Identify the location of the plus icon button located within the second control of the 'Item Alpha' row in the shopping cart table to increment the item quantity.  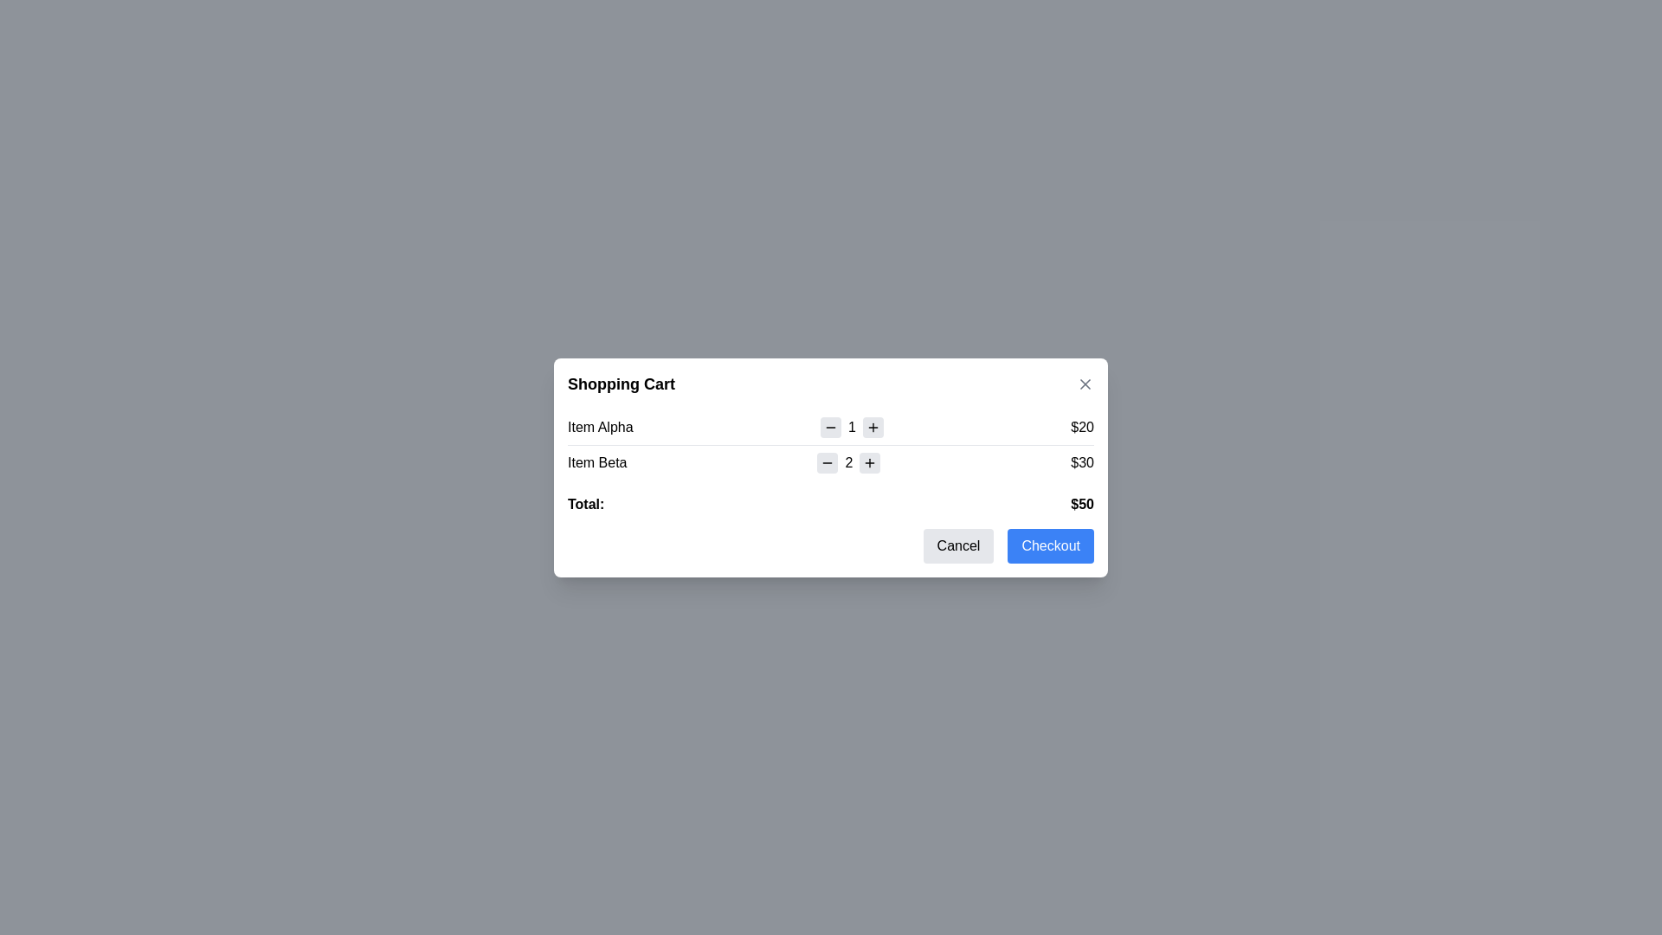
(873, 427).